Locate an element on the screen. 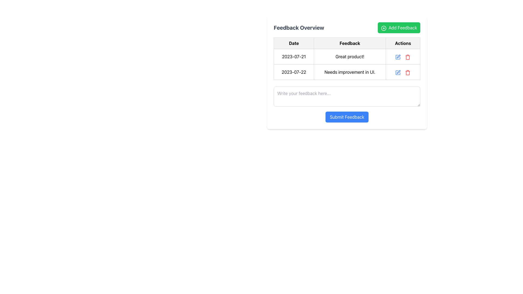 This screenshot has height=294, width=523. the feedback text cell is located at coordinates (346, 57).